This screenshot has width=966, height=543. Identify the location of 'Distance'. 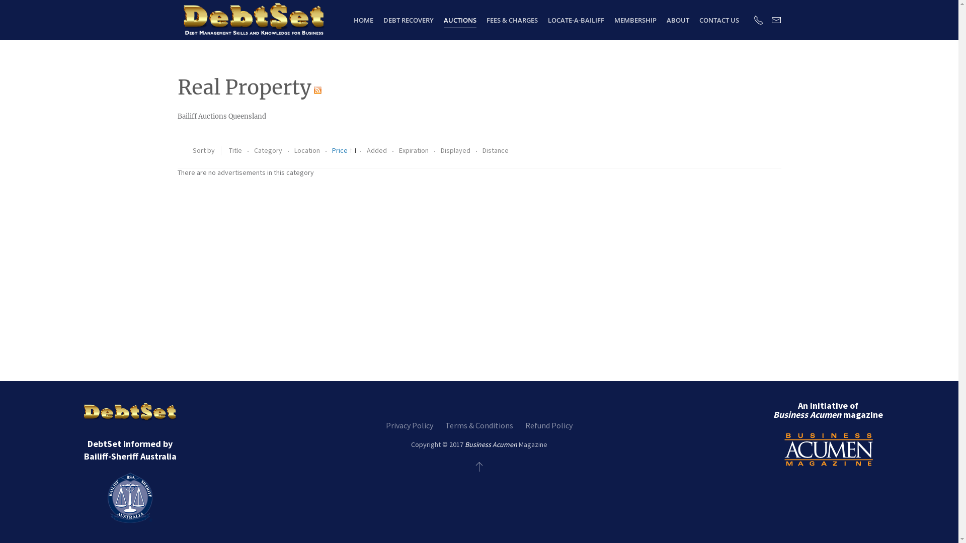
(495, 150).